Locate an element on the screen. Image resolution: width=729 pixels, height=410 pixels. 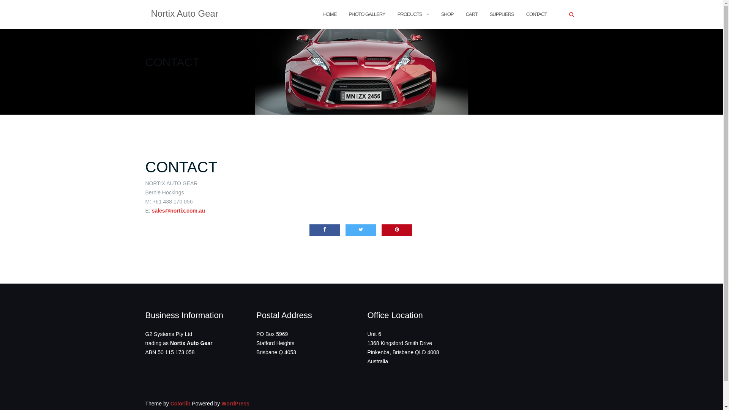
'PRODUCTS' is located at coordinates (409, 14).